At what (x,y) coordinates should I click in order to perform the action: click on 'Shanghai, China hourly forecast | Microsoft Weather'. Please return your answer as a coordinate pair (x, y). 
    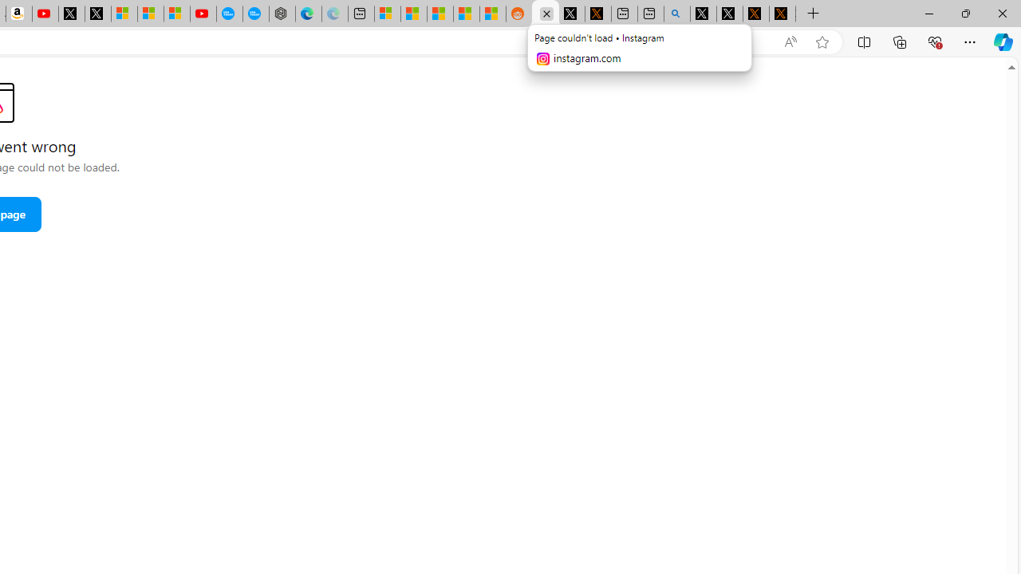
    Looking at the image, I should click on (440, 14).